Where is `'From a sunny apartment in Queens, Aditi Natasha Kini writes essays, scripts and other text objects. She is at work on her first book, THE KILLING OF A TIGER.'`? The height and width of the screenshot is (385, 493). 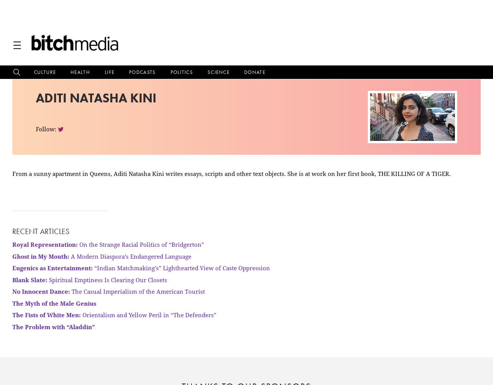
'From a sunny apartment in Queens, Aditi Natasha Kini writes essays, scripts and other text objects. She is at work on her first book, THE KILLING OF A TIGER.' is located at coordinates (231, 173).